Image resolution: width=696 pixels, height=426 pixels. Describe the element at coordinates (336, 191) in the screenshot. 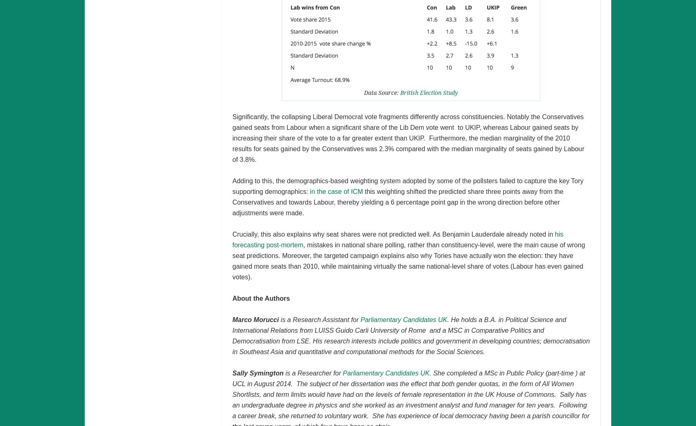

I see `'in the case of ICM'` at that location.